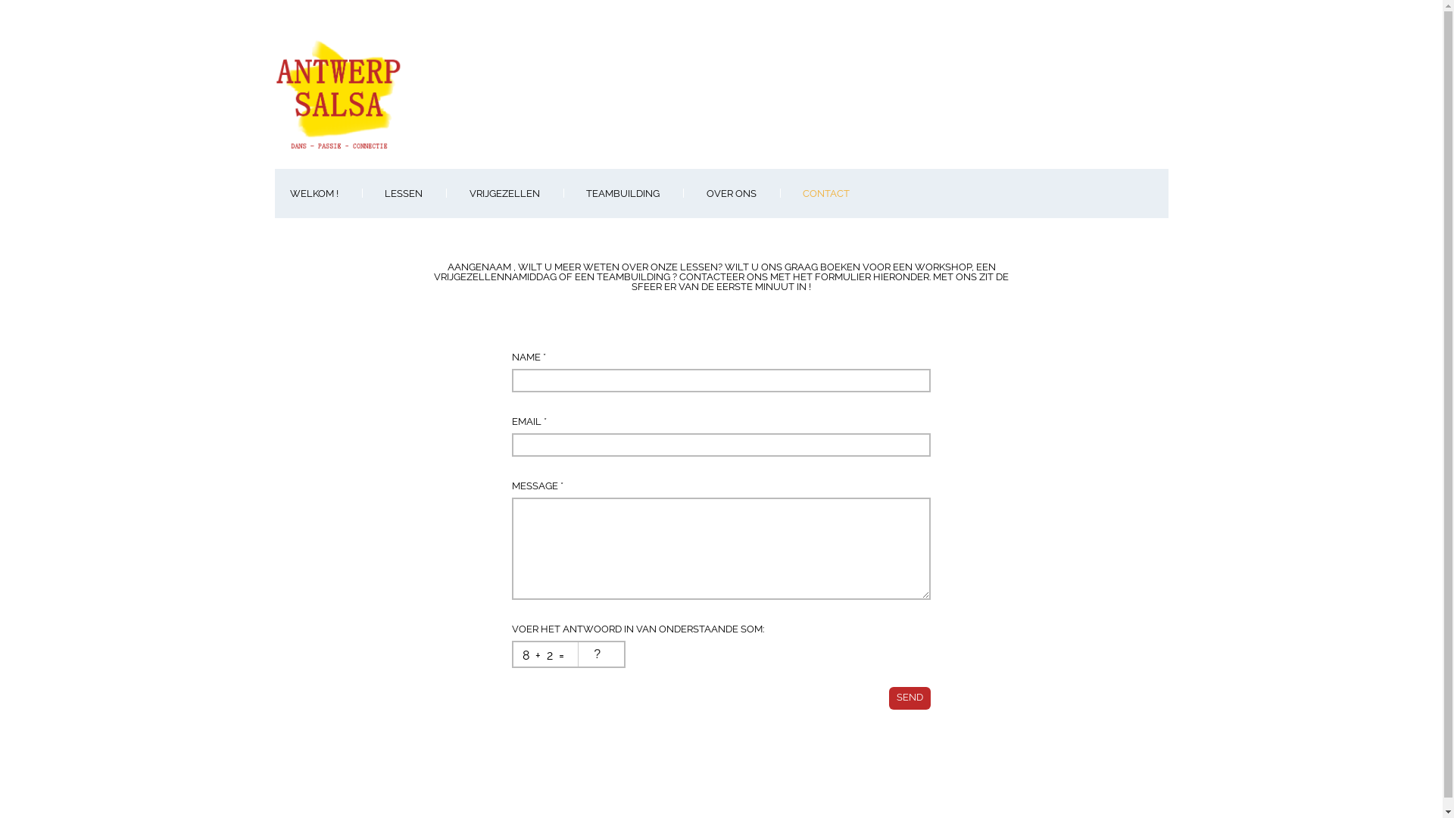 The height and width of the screenshot is (818, 1454). What do you see at coordinates (730, 192) in the screenshot?
I see `'OVER ONS'` at bounding box center [730, 192].